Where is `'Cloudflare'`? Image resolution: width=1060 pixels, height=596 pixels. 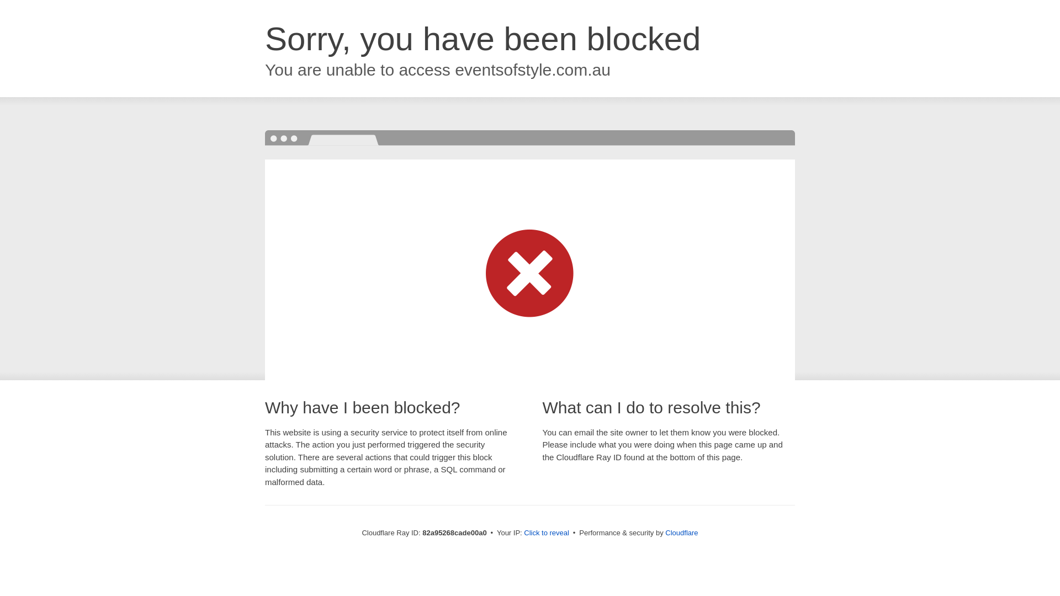
'Cloudflare' is located at coordinates (664, 532).